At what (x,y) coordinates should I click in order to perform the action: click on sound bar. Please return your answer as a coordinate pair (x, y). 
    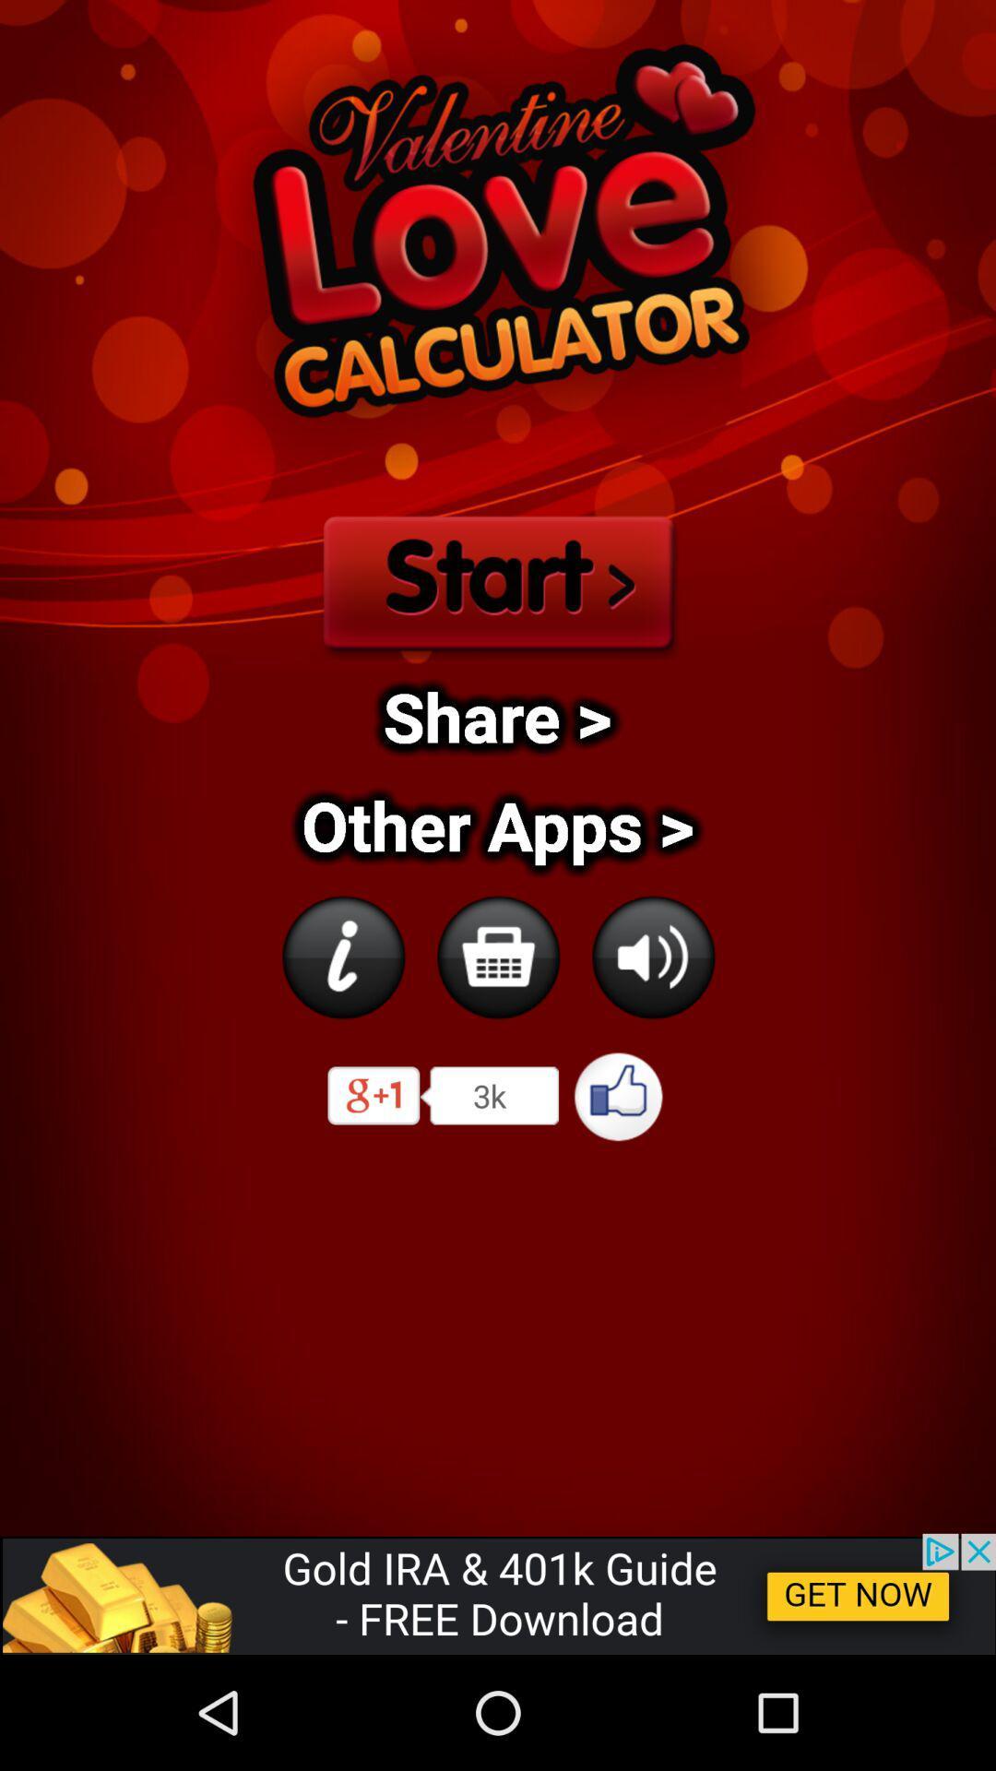
    Looking at the image, I should click on (652, 957).